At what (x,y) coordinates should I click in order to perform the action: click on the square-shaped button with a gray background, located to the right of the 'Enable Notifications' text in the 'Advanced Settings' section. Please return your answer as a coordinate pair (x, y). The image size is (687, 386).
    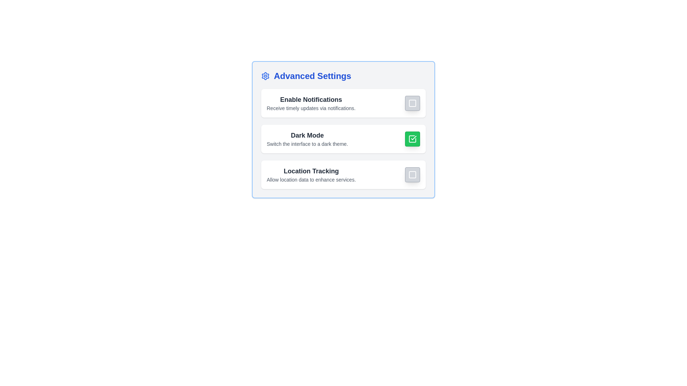
    Looking at the image, I should click on (412, 103).